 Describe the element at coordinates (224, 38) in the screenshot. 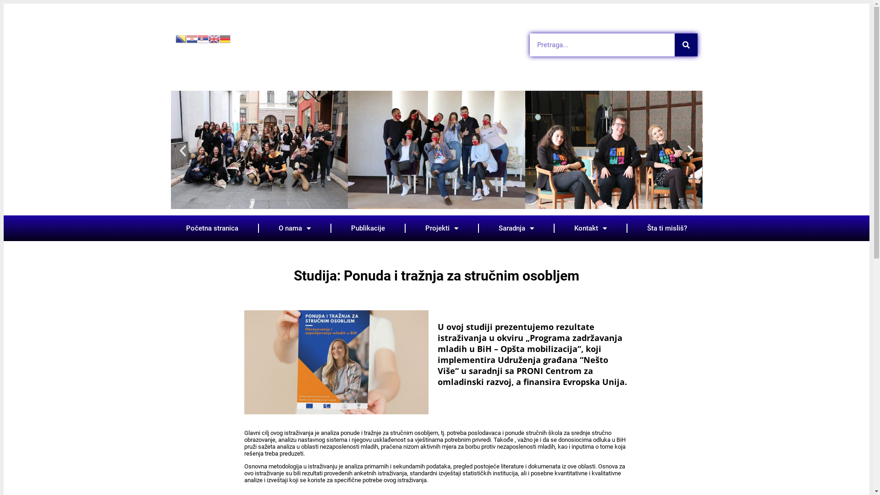

I see `'German'` at that location.